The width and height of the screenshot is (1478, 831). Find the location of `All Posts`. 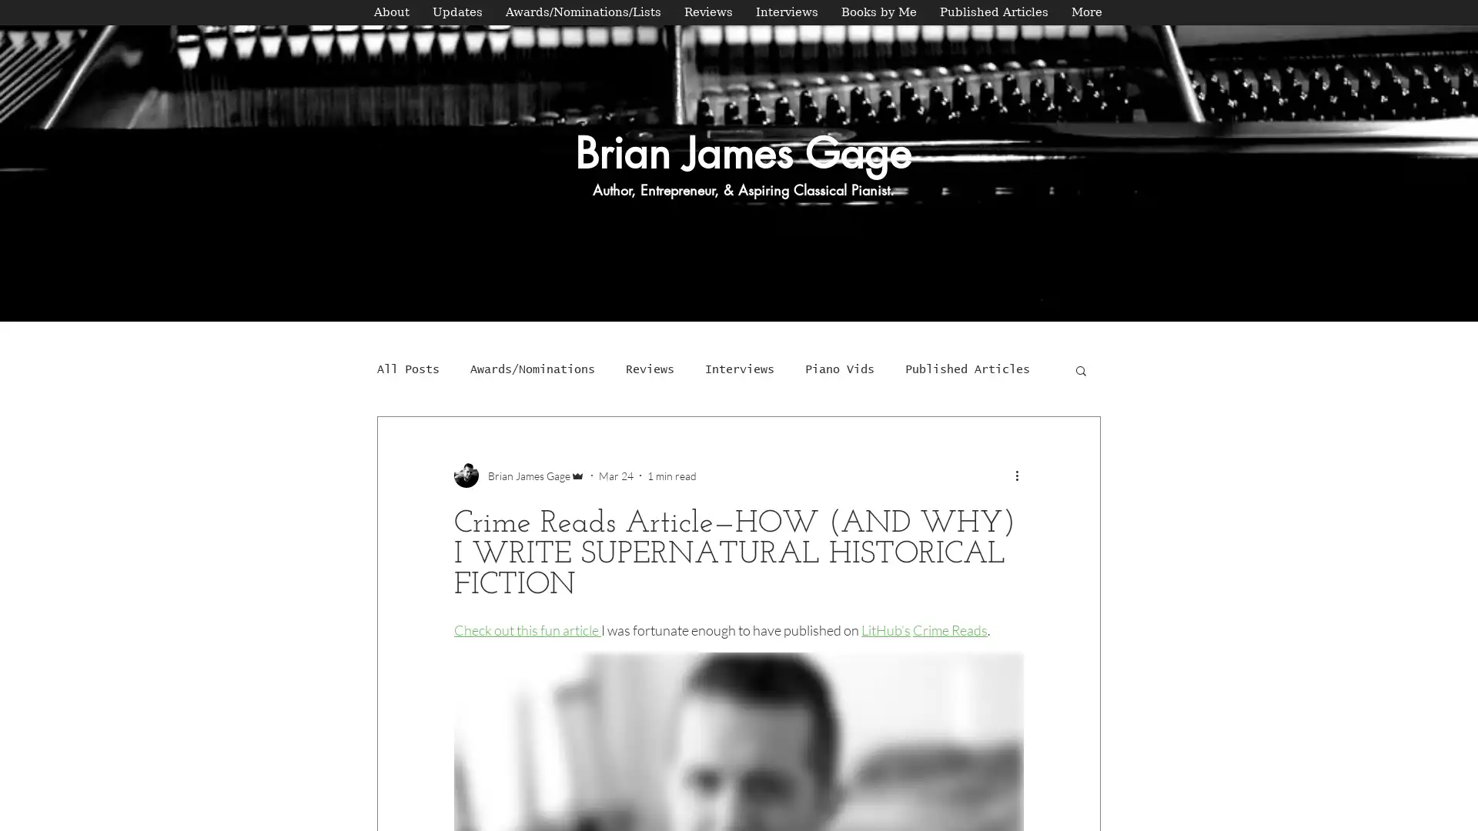

All Posts is located at coordinates (408, 370).